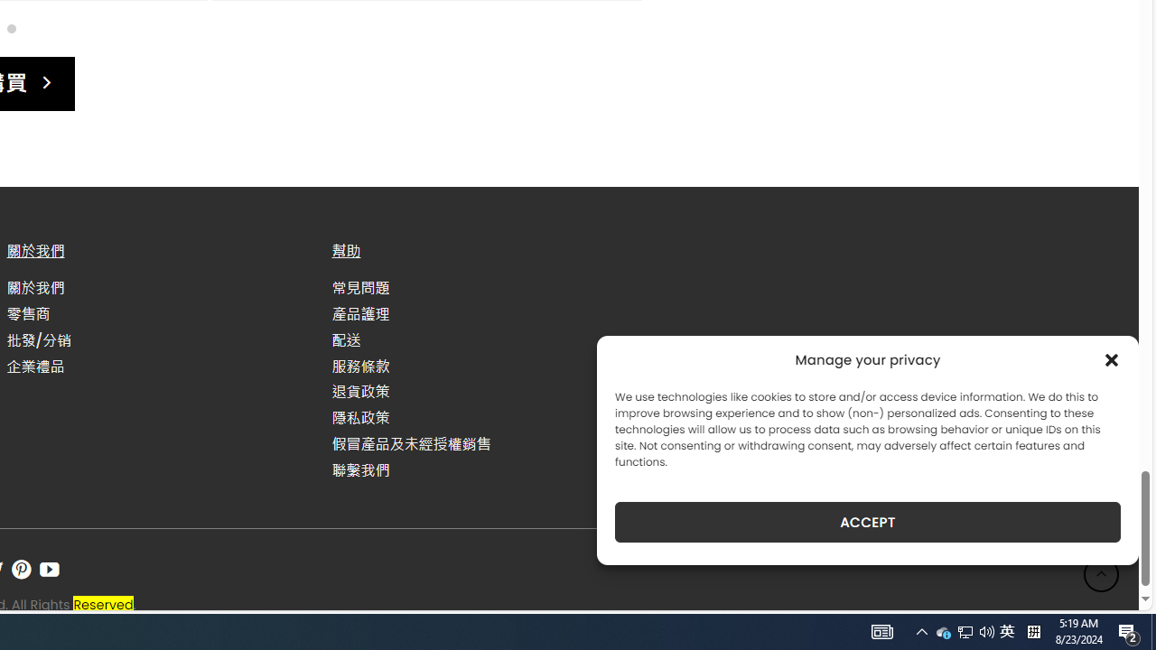 This screenshot has width=1156, height=650. I want to click on 'Go to top', so click(1101, 574).